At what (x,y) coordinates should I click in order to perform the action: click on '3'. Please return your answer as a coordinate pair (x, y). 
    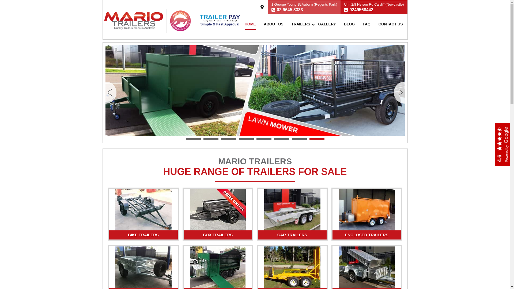
    Looking at the image, I should click on (229, 139).